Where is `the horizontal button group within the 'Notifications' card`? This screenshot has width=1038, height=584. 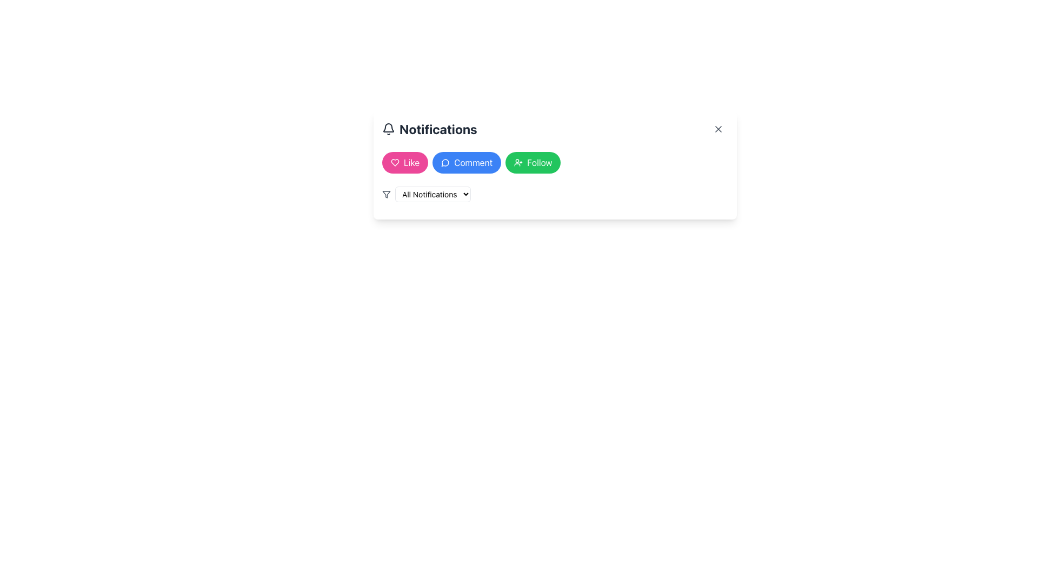
the horizontal button group within the 'Notifications' card is located at coordinates (555, 162).